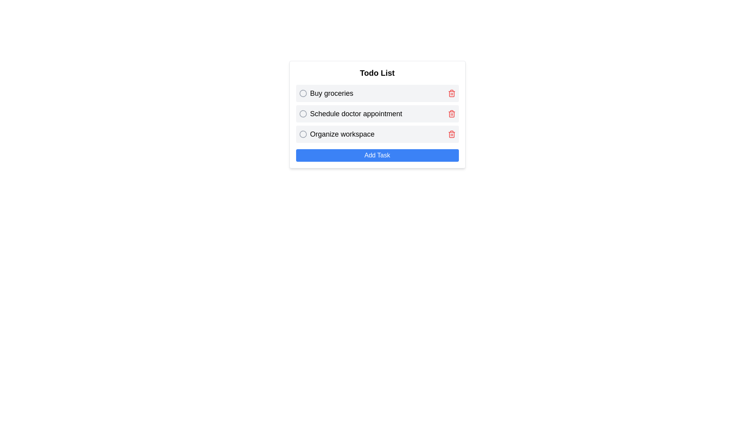 Image resolution: width=755 pixels, height=424 pixels. I want to click on the delete icon button located in the last row of the list, adjacent to the text 'Organize workspace', so click(451, 134).